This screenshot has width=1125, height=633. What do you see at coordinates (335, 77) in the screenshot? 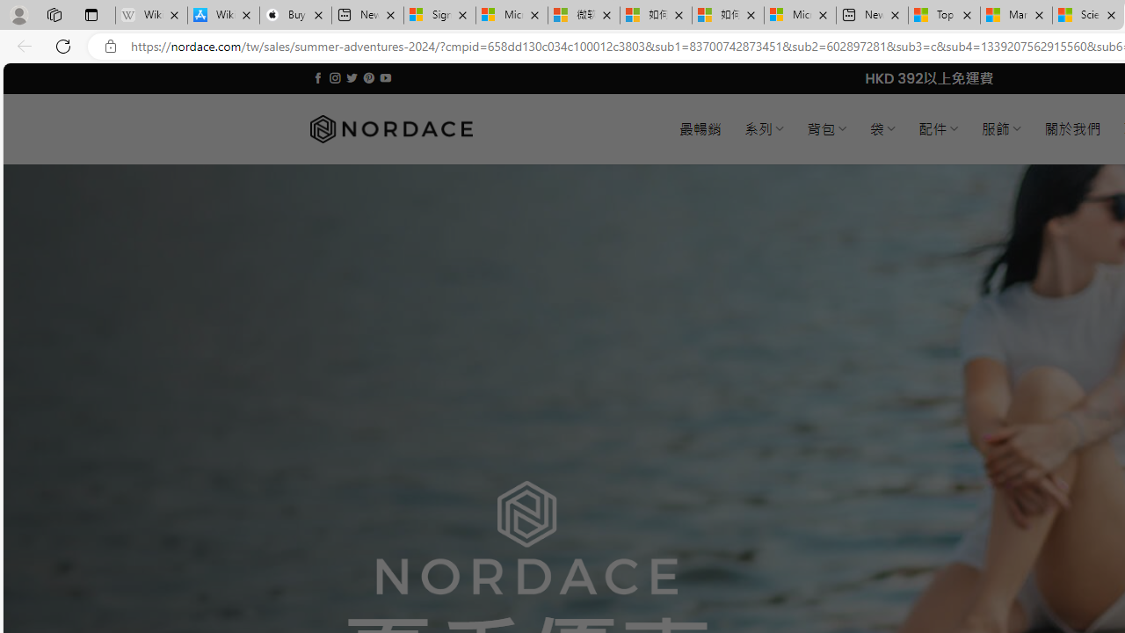
I see `'Follow on Instagram'` at bounding box center [335, 77].